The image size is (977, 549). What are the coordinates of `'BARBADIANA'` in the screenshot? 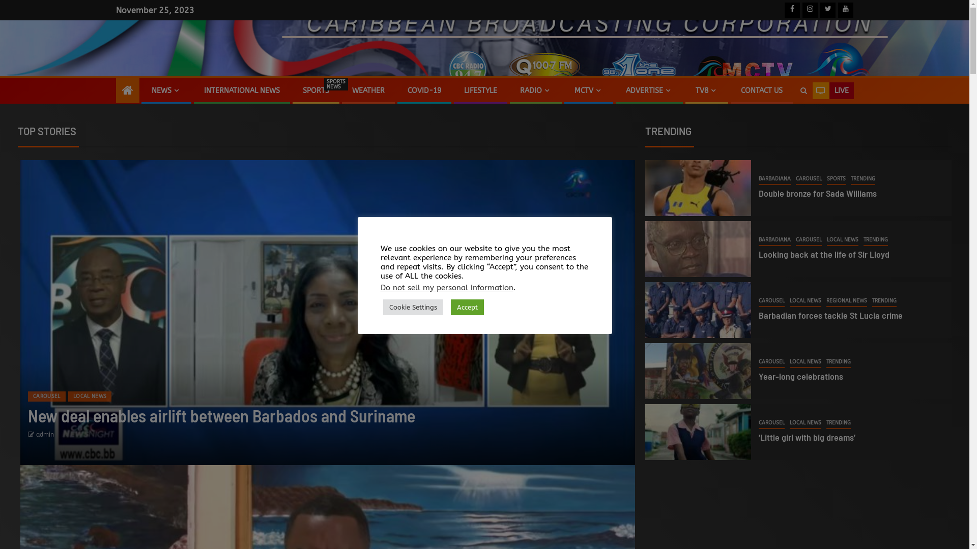 It's located at (774, 179).